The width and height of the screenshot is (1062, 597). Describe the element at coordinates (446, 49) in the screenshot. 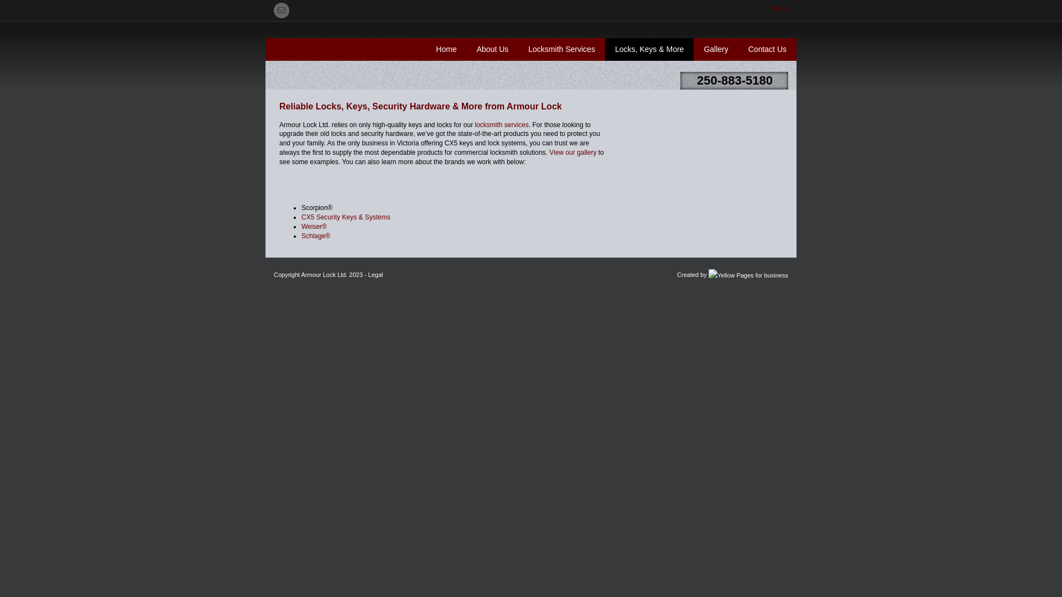

I see `'Home'` at that location.